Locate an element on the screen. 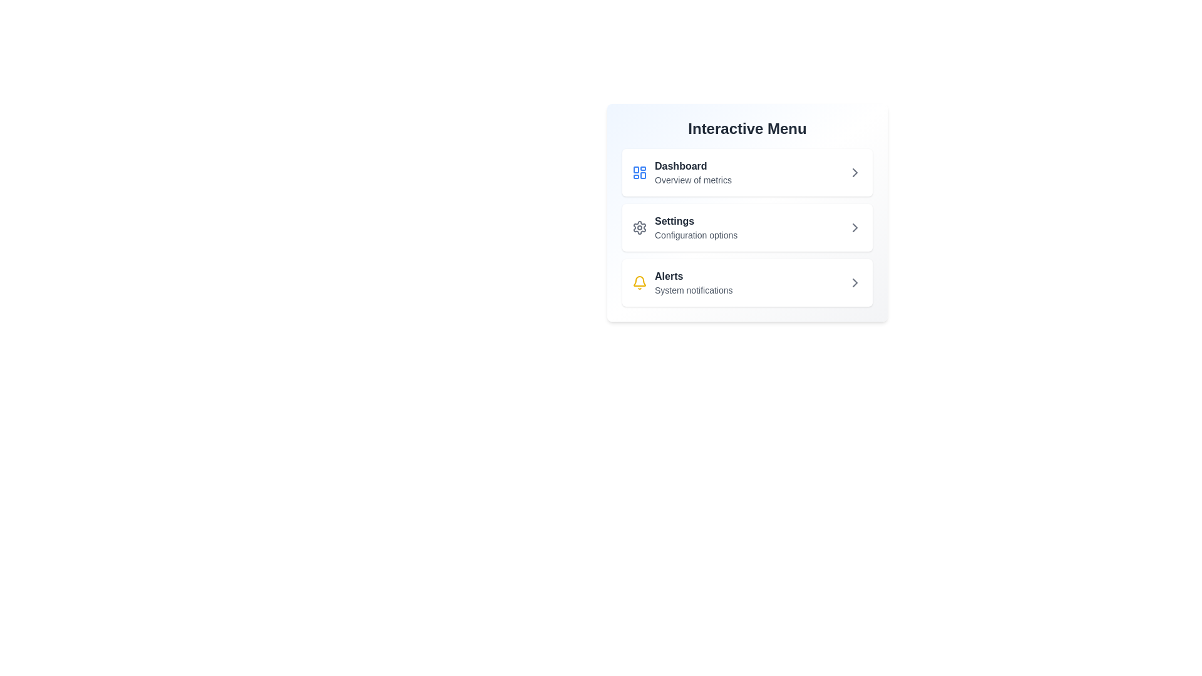 This screenshot has height=676, width=1202. the Button that serves as a navigational link to access notifications or alerts, located in the 'Interactive Menu' section, positioned below 'Settings' is located at coordinates (747, 282).